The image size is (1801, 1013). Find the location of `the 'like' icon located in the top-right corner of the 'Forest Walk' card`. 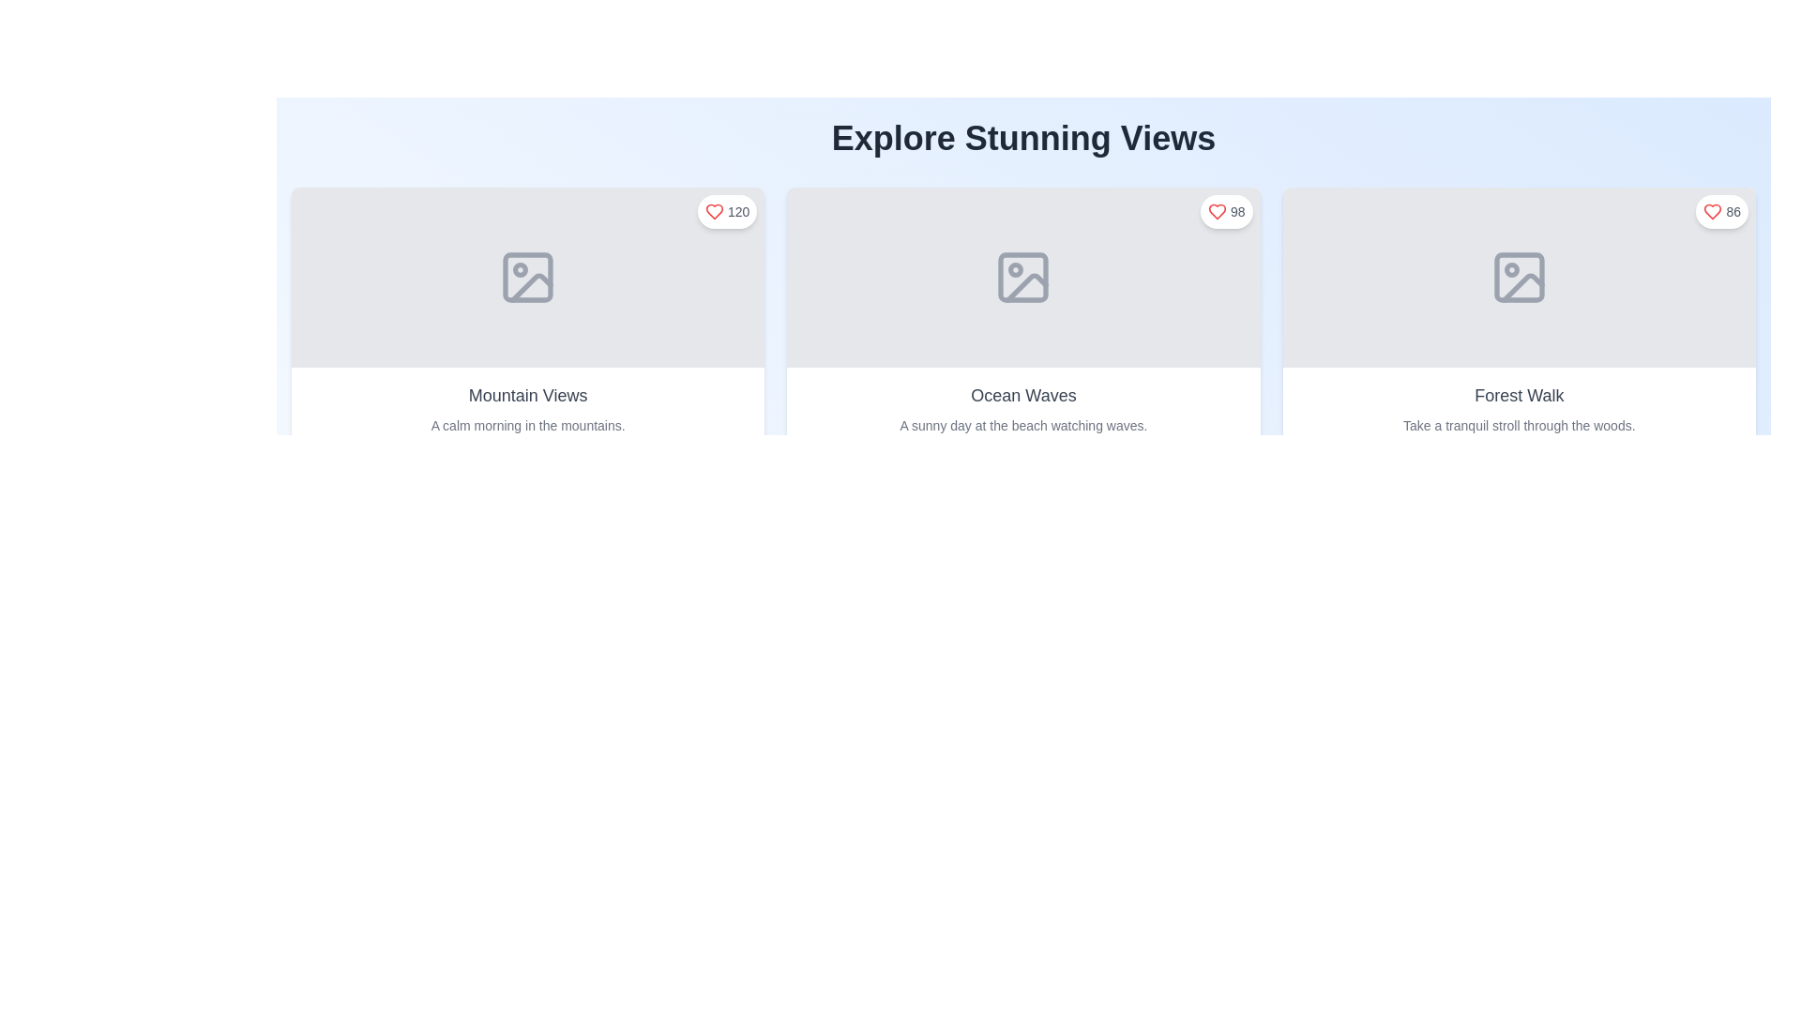

the 'like' icon located in the top-right corner of the 'Forest Walk' card is located at coordinates (1713, 211).